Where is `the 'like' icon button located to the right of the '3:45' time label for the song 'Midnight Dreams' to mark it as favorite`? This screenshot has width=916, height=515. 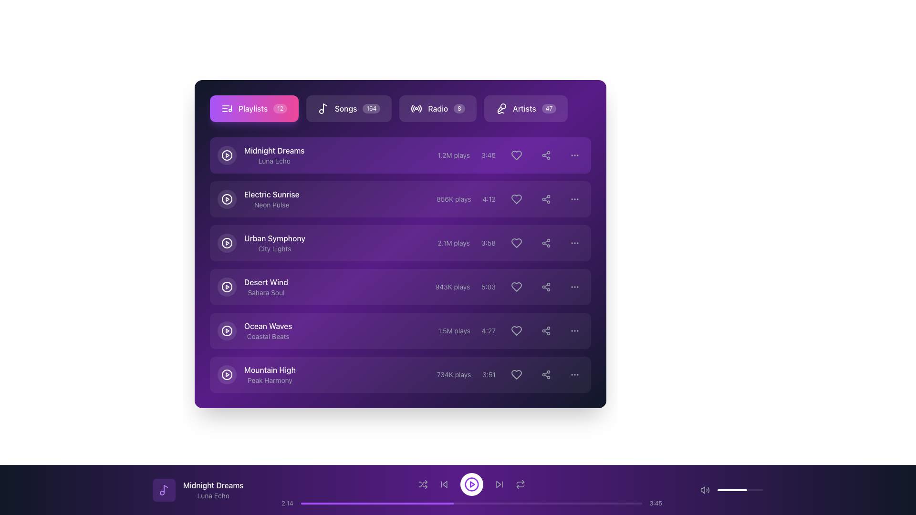
the 'like' icon button located to the right of the '3:45' time label for the song 'Midnight Dreams' to mark it as favorite is located at coordinates (516, 155).